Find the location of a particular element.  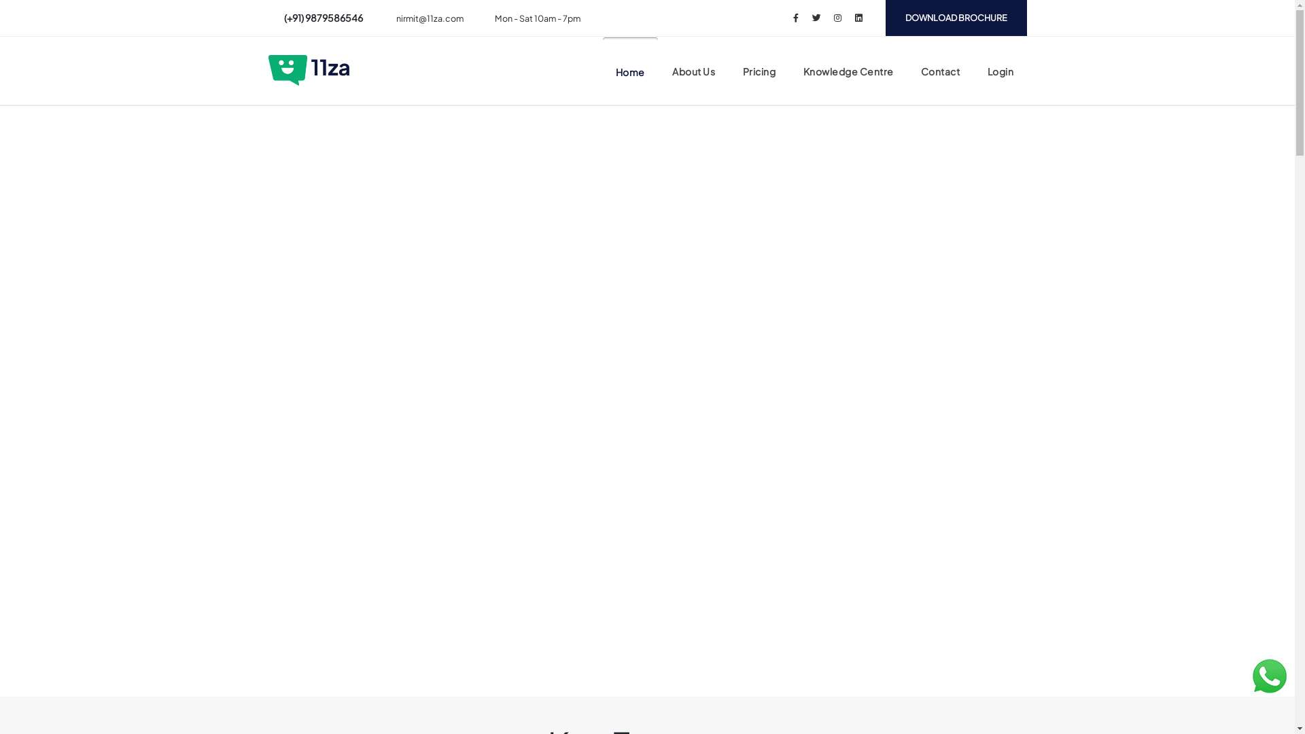

'Login' is located at coordinates (974, 71).